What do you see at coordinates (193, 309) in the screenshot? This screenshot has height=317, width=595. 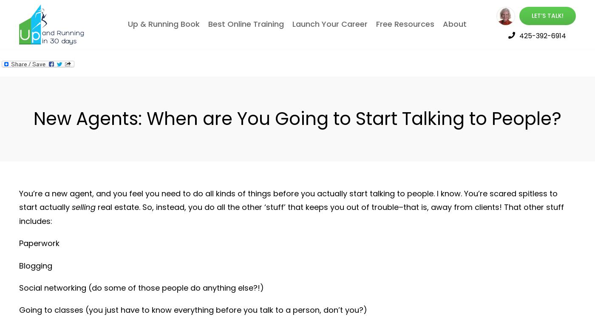 I see `'Going to classes (you just have to know everything before you talk to a person, don’t you?)'` at bounding box center [193, 309].